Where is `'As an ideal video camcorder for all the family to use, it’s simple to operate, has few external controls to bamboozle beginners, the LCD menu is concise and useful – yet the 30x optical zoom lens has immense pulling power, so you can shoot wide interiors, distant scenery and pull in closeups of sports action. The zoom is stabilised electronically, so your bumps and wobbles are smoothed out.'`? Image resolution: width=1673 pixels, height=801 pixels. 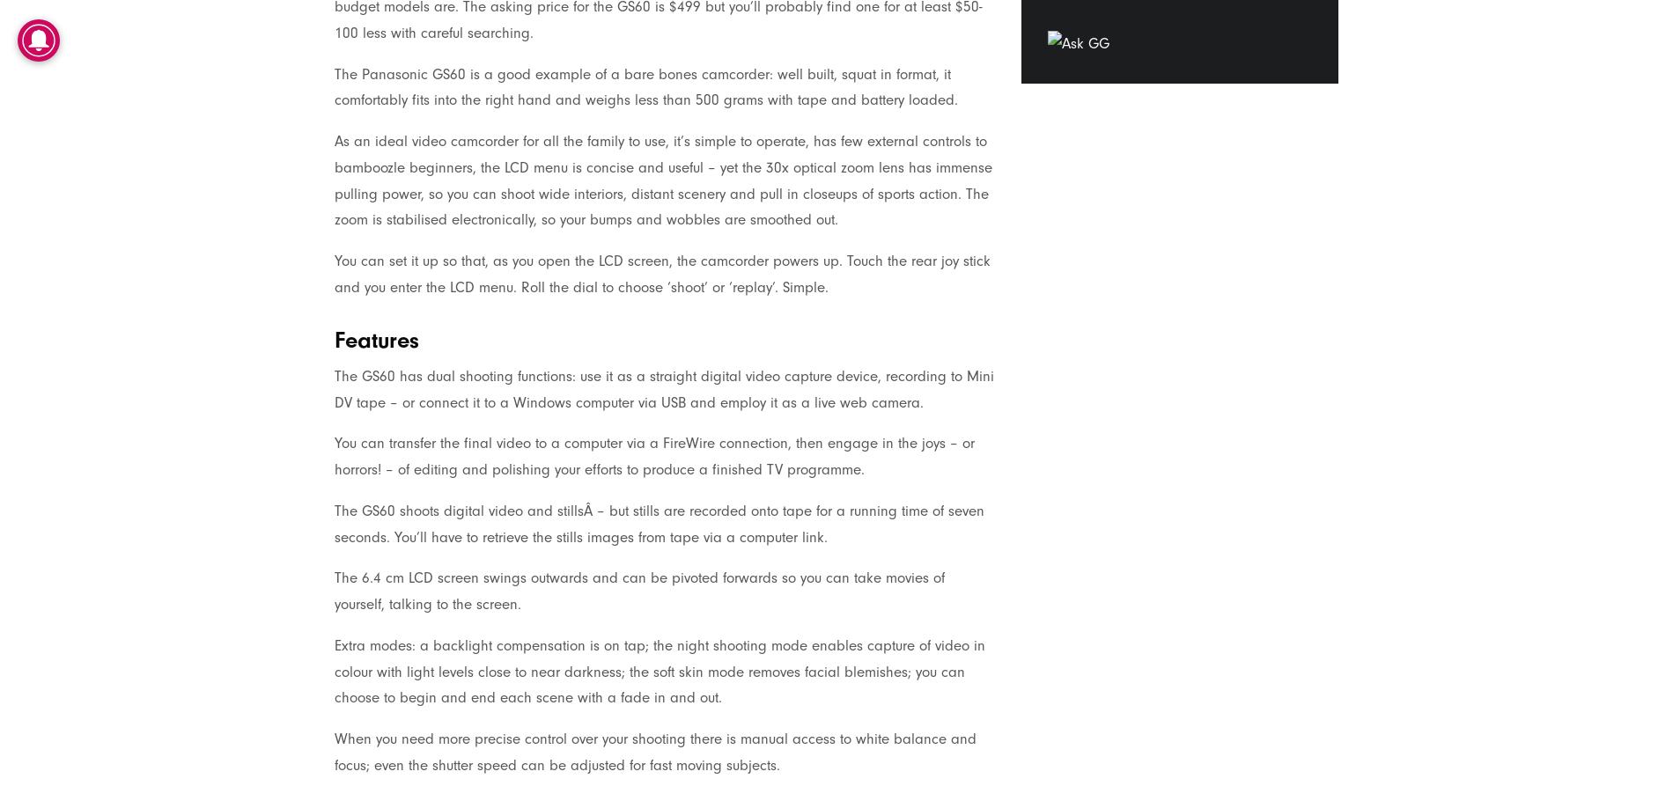
'As an ideal video camcorder for all the family to use, it’s simple to operate, has few external controls to bamboozle beginners, the LCD menu is concise and useful – yet the 30x optical zoom lens has immense pulling power, so you can shoot wide interiors, distant scenery and pull in closeups of sports action. The zoom is stabilised electronically, so your bumps and wobbles are smoothed out.' is located at coordinates (662, 180).